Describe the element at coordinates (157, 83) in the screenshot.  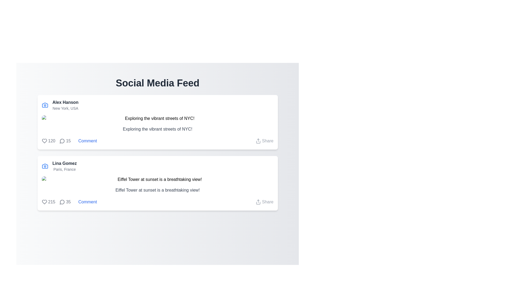
I see `the text-based heading element serving as a visual label for the social media feed section, located at the upper part of the interface above user posts` at that location.